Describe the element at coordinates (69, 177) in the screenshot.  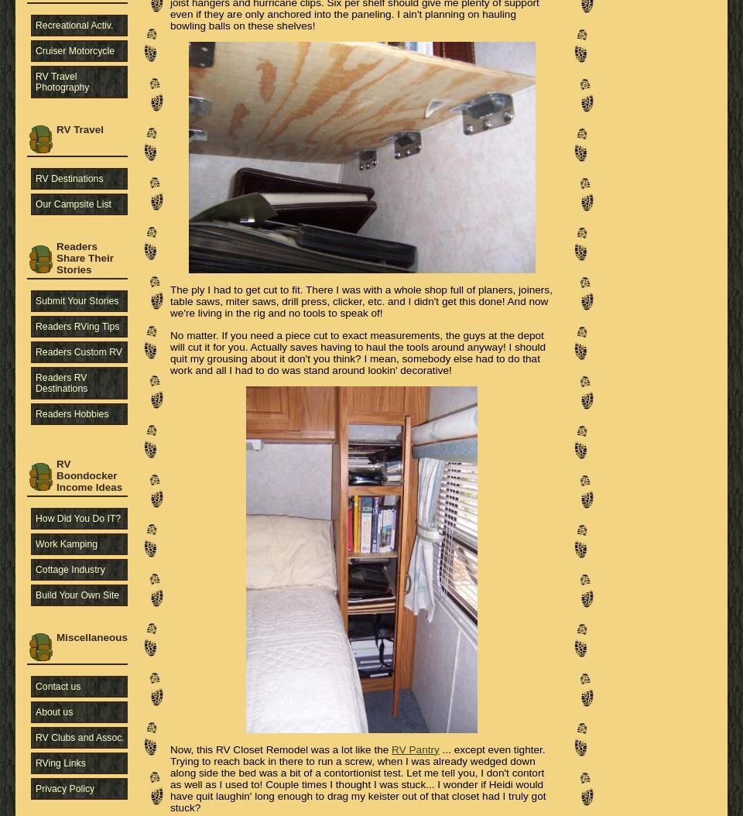
I see `'RV Destinations'` at that location.